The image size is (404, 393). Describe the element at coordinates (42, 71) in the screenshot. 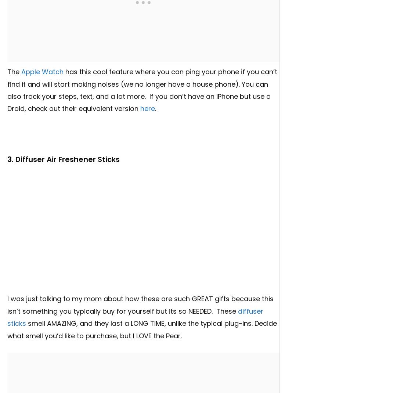

I see `'Apple Watch'` at that location.